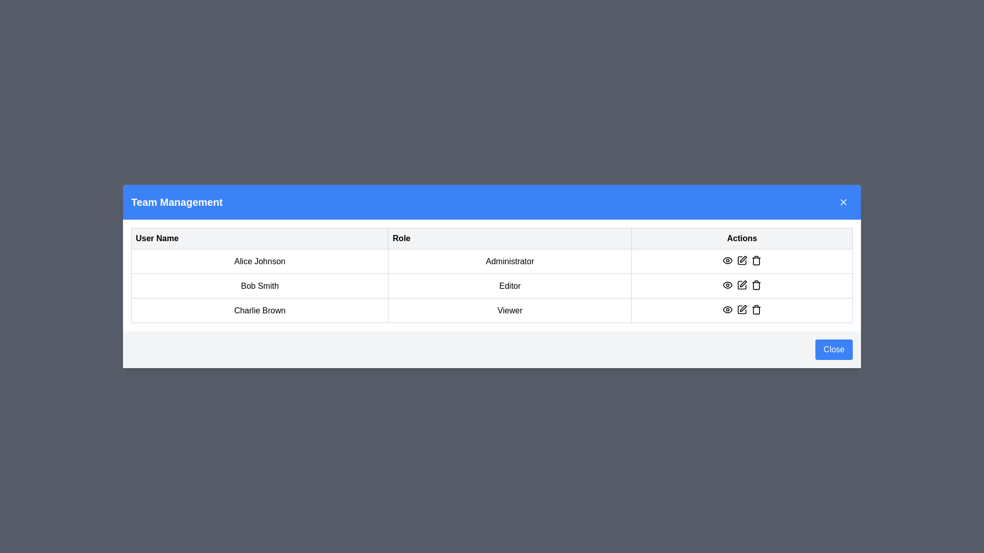 This screenshot has height=553, width=984. Describe the element at coordinates (260, 310) in the screenshot. I see `the static text label displaying 'Charlie Brown' located in the third row, first column of the table under the 'User Name' heading` at that location.